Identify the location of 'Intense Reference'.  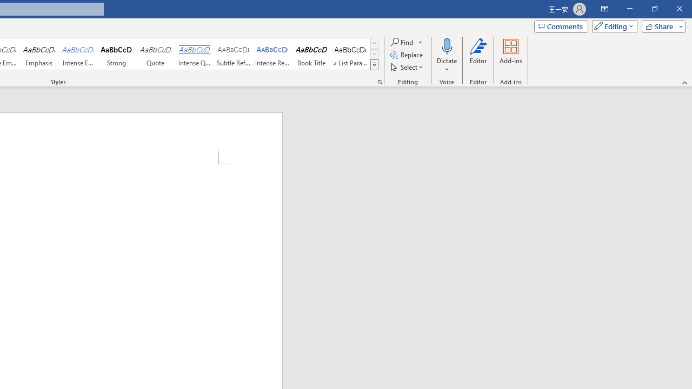
(272, 54).